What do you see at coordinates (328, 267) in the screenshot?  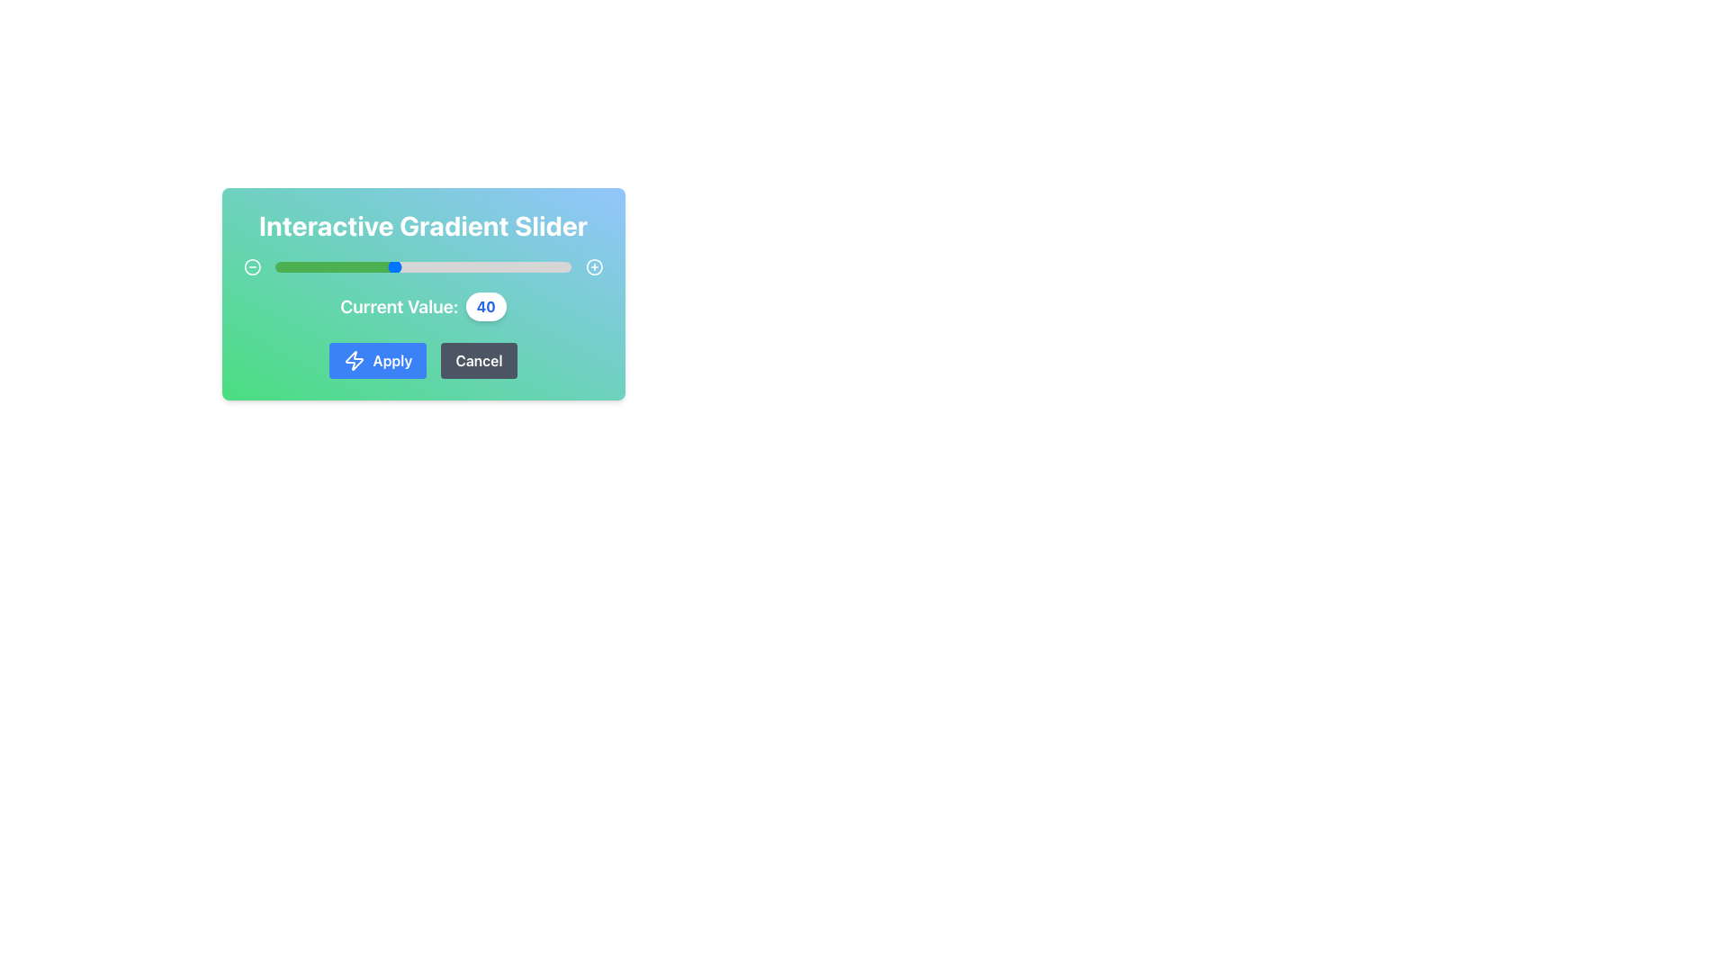 I see `the slider` at bounding box center [328, 267].